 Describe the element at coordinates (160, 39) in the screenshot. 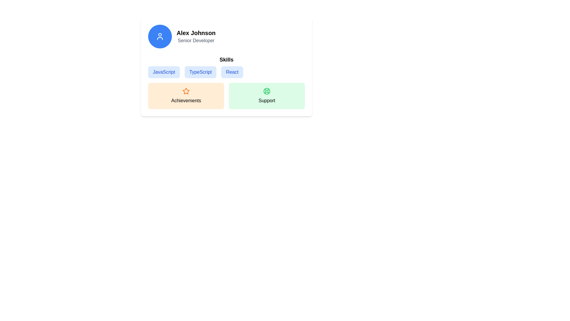

I see `the curve forming the base of the simplified user icon, which is styled in the same color and stroke attributes as the rest of the icon, and is positioned below the circular head shape in the SVG element` at that location.